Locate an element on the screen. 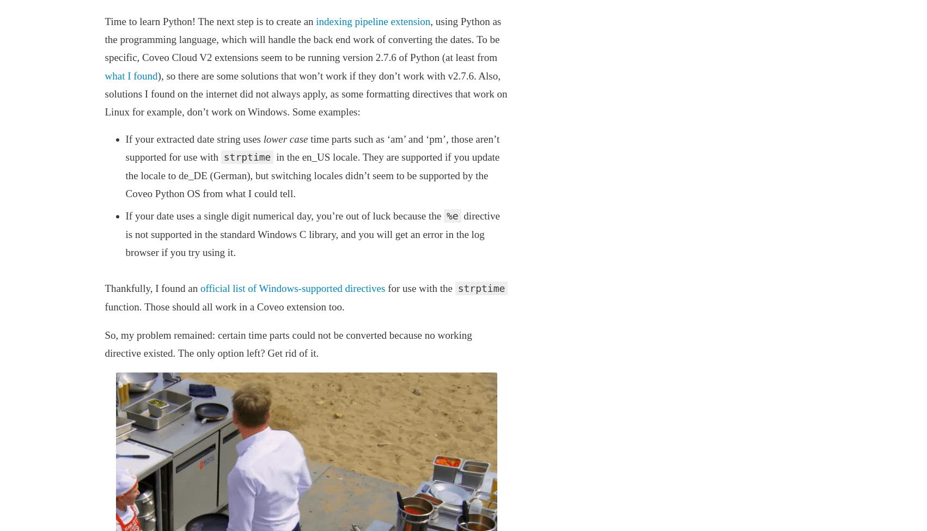  'function. Those should all work in a Coveo extension too.' is located at coordinates (103, 306).